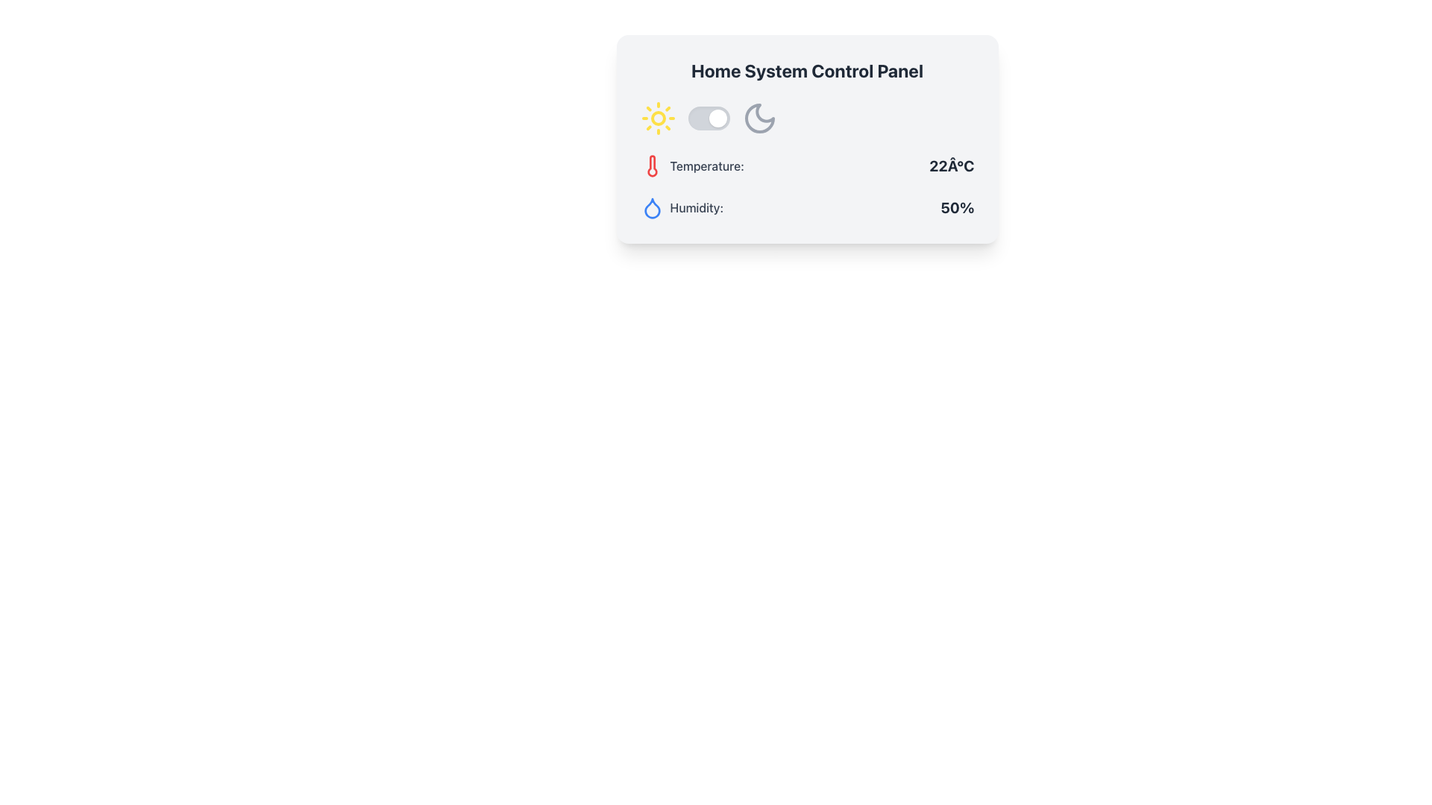  Describe the element at coordinates (706, 166) in the screenshot. I see `text of the Text Label that describes the temperature data point, which is located adjacent to a thermometer icon` at that location.